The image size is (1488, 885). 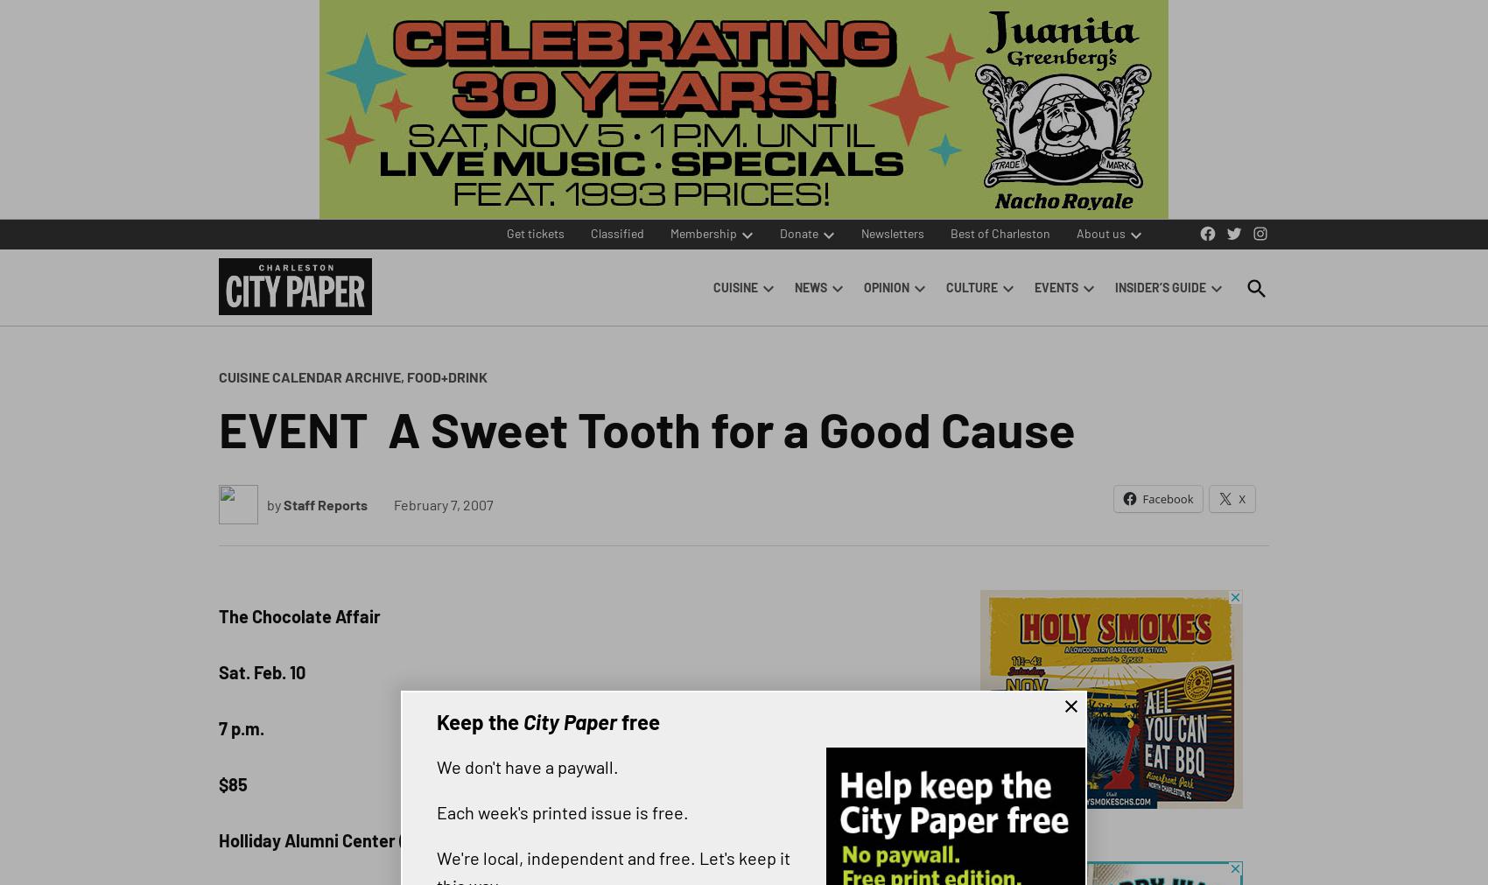 I want to click on 'INSIDER’S GUIDE', so click(x=1161, y=287).